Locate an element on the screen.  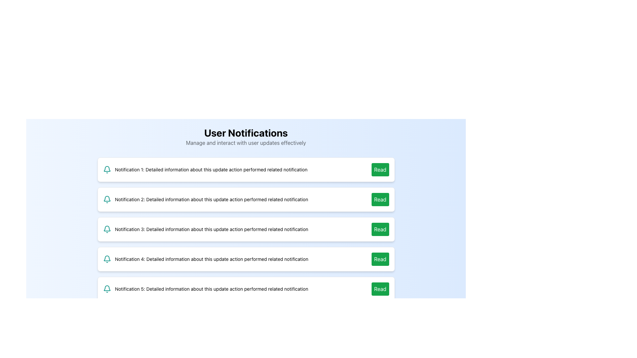
the text element that conveys details related to the fifth notification in the list to trigger additional information is located at coordinates (211, 288).